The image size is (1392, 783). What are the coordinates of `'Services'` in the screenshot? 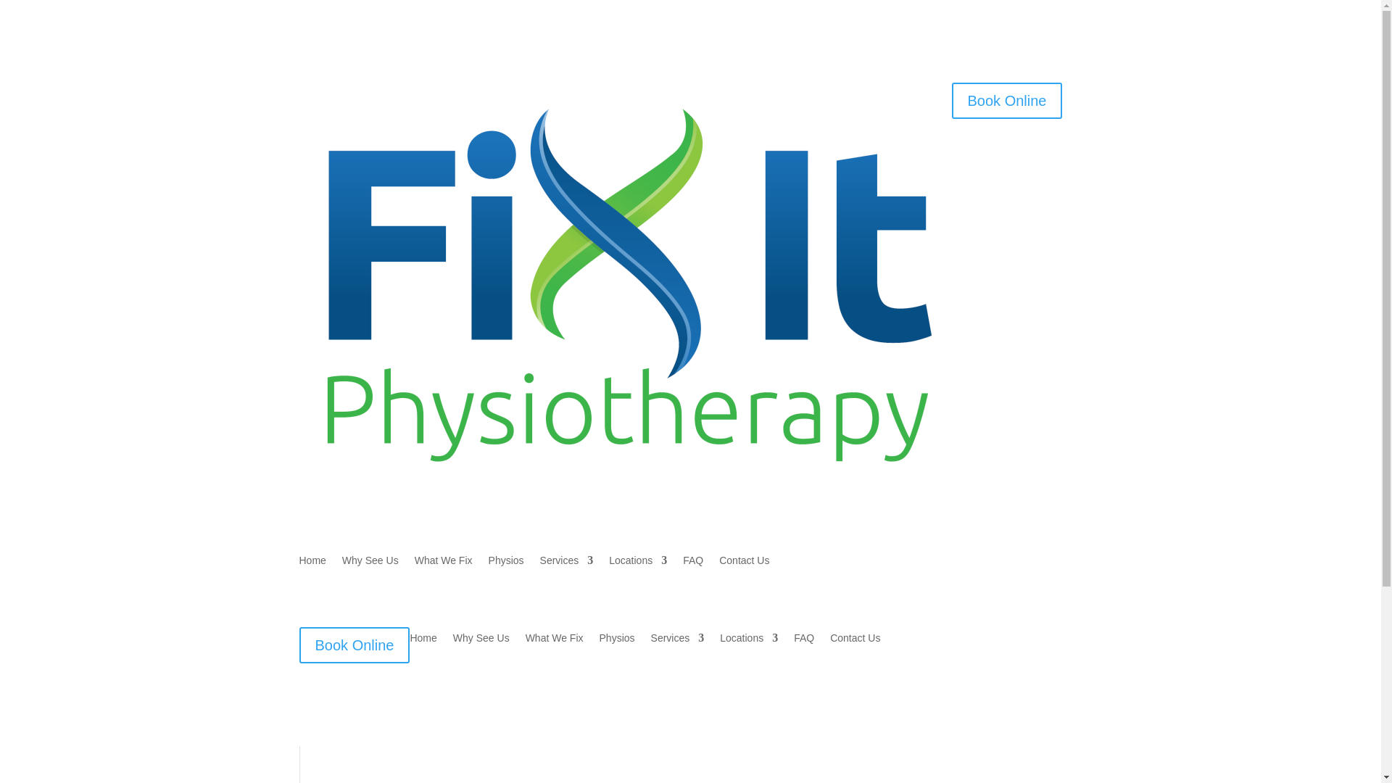 It's located at (566, 562).